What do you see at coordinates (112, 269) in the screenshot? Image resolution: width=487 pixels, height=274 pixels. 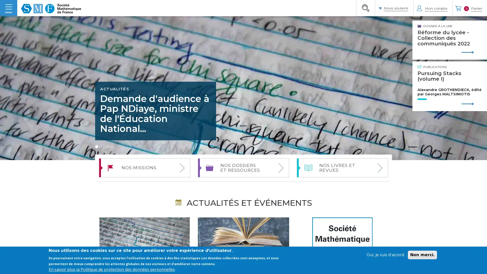 I see `En savoir plus la Politique de protection des donnees personnelles` at bounding box center [112, 269].